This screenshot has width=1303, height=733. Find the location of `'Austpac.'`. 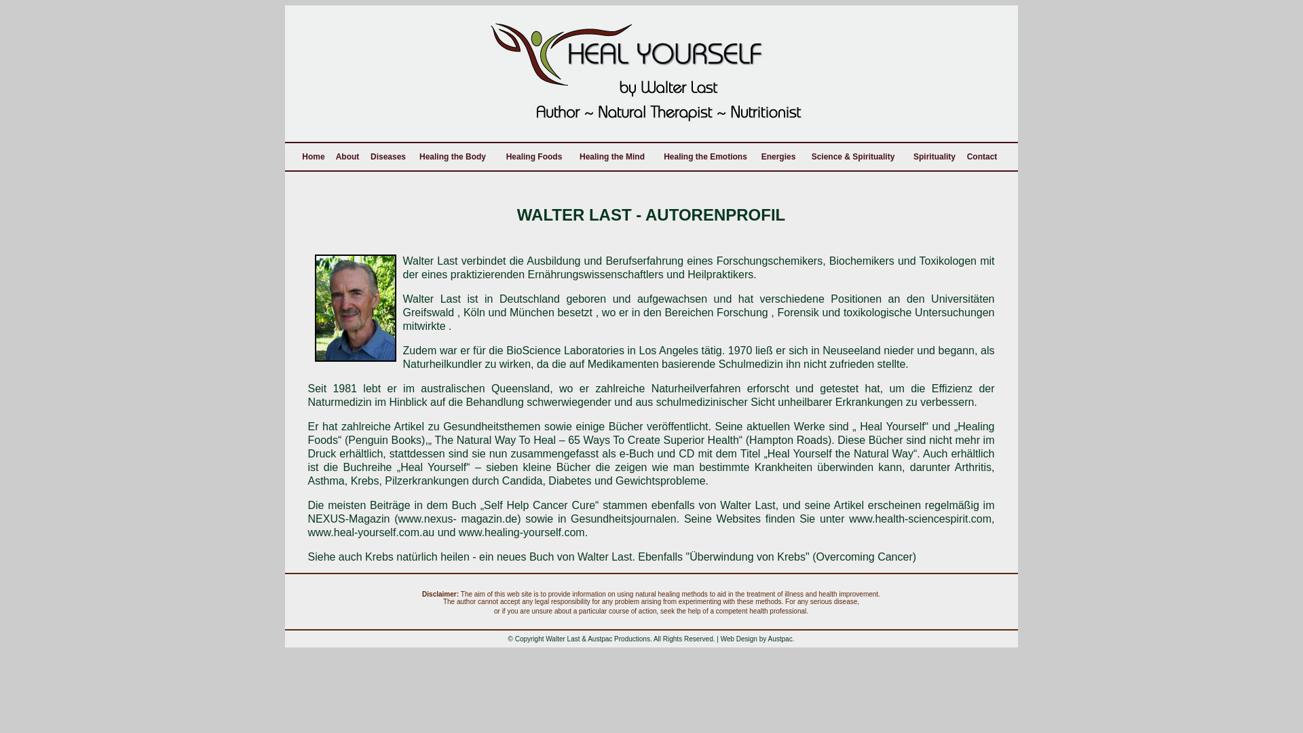

'Austpac.' is located at coordinates (781, 639).